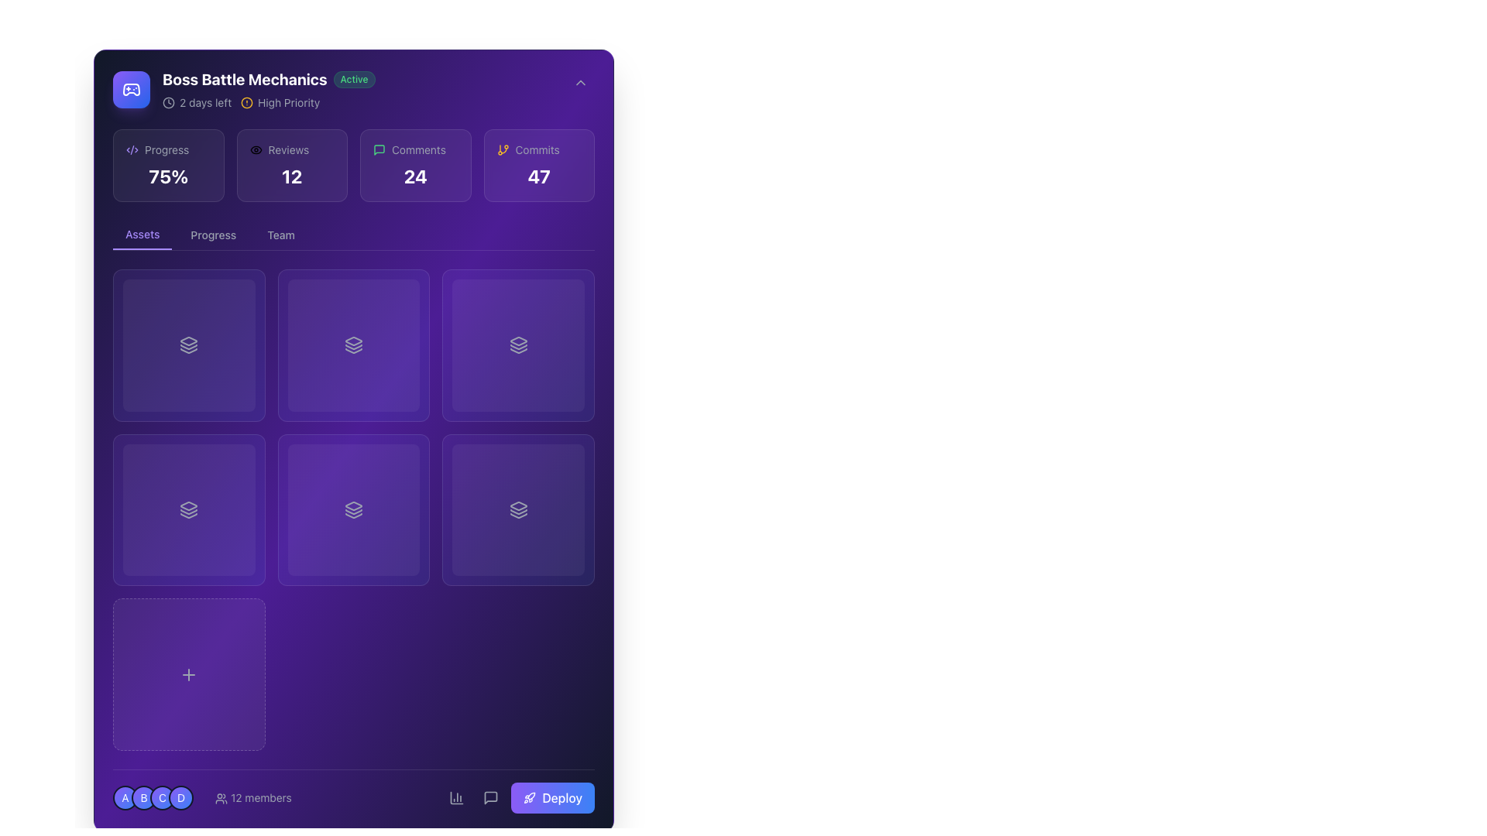 This screenshot has width=1487, height=836. I want to click on the leftmost navigation tab labeled 'Assets', so click(143, 235).